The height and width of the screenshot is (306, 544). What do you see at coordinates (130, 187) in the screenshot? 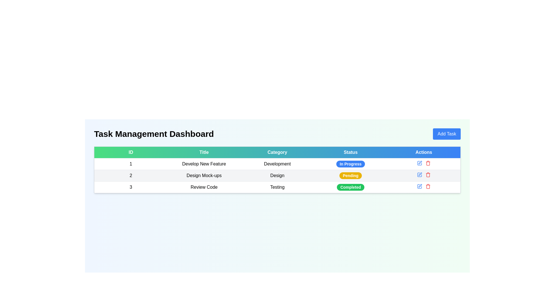
I see `the Text label that represents the index or ID number for the last row in the table, located in the leftmost cell under the 'ID' column` at bounding box center [130, 187].